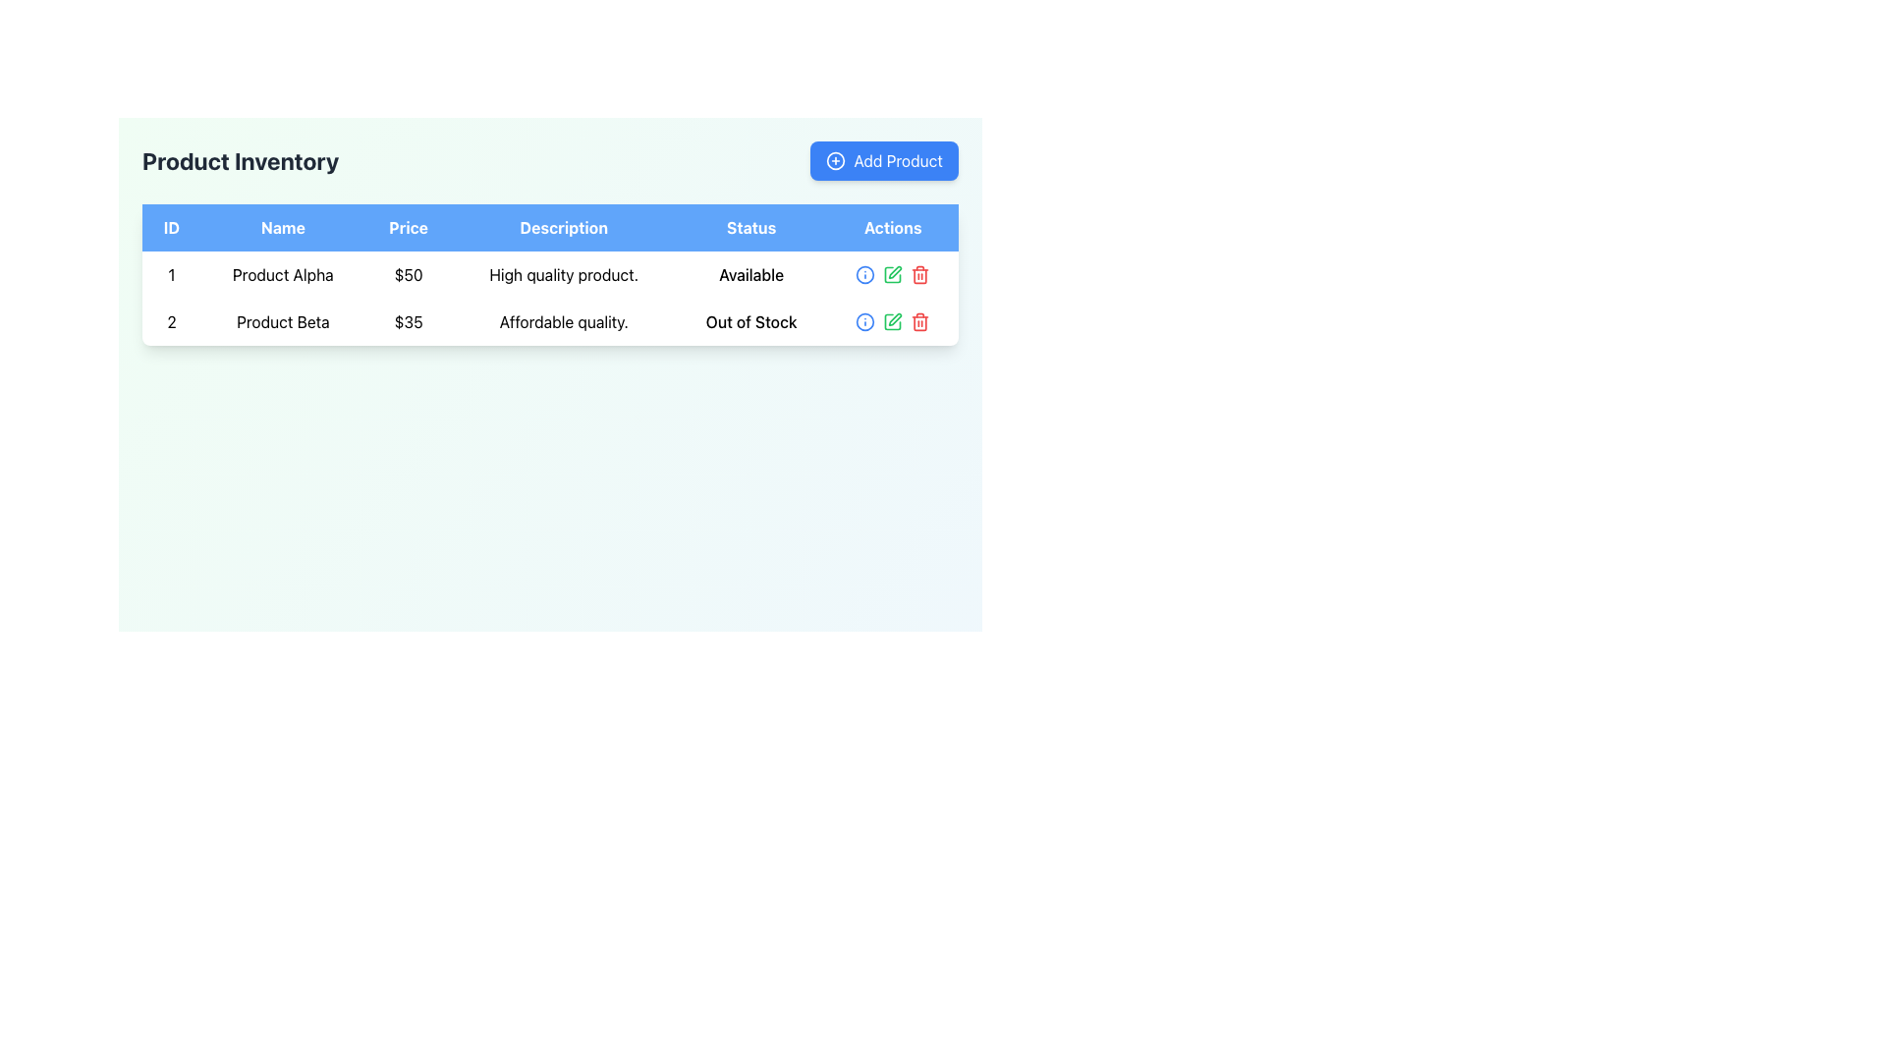  I want to click on the Text Label displaying the availability status of 'Product Alpha' in the 'Status' column of the product inventory table, located between 'High quality product.' and the 'Actions' column, so click(750, 275).